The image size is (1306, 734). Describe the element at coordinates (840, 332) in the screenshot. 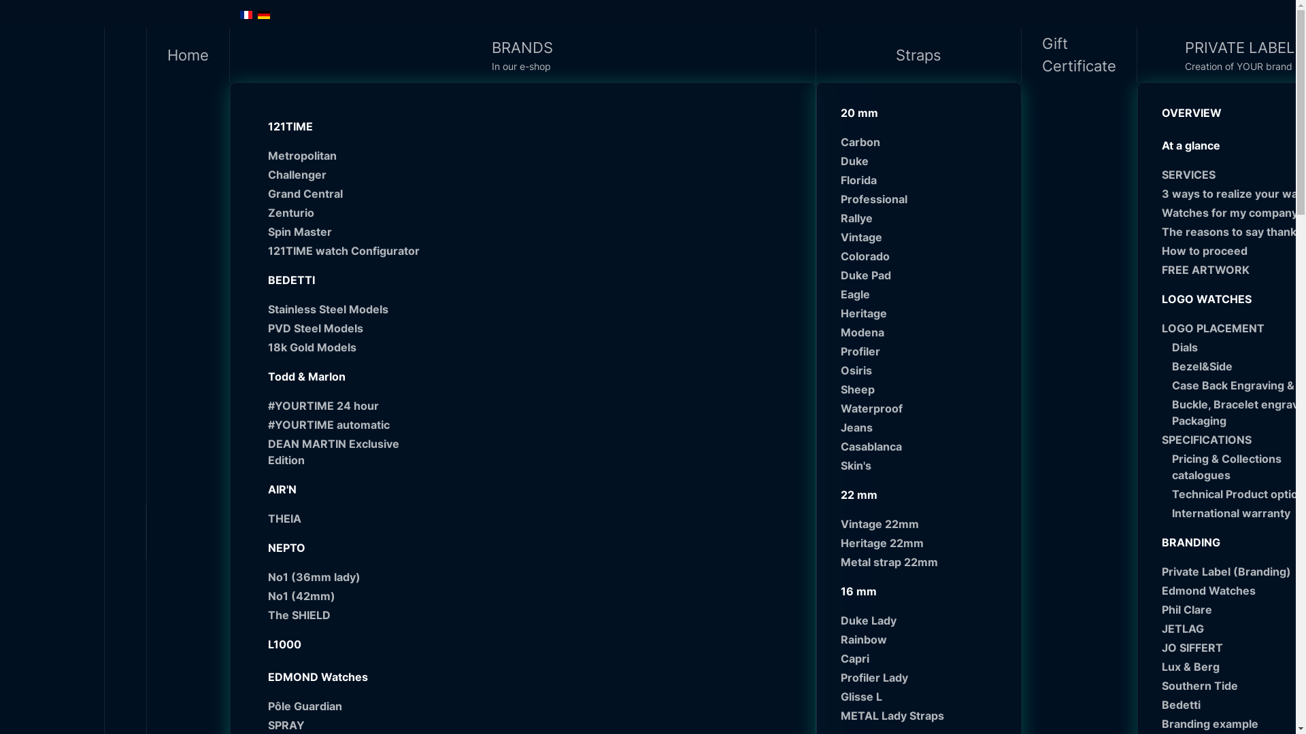

I see `'Modena'` at that location.